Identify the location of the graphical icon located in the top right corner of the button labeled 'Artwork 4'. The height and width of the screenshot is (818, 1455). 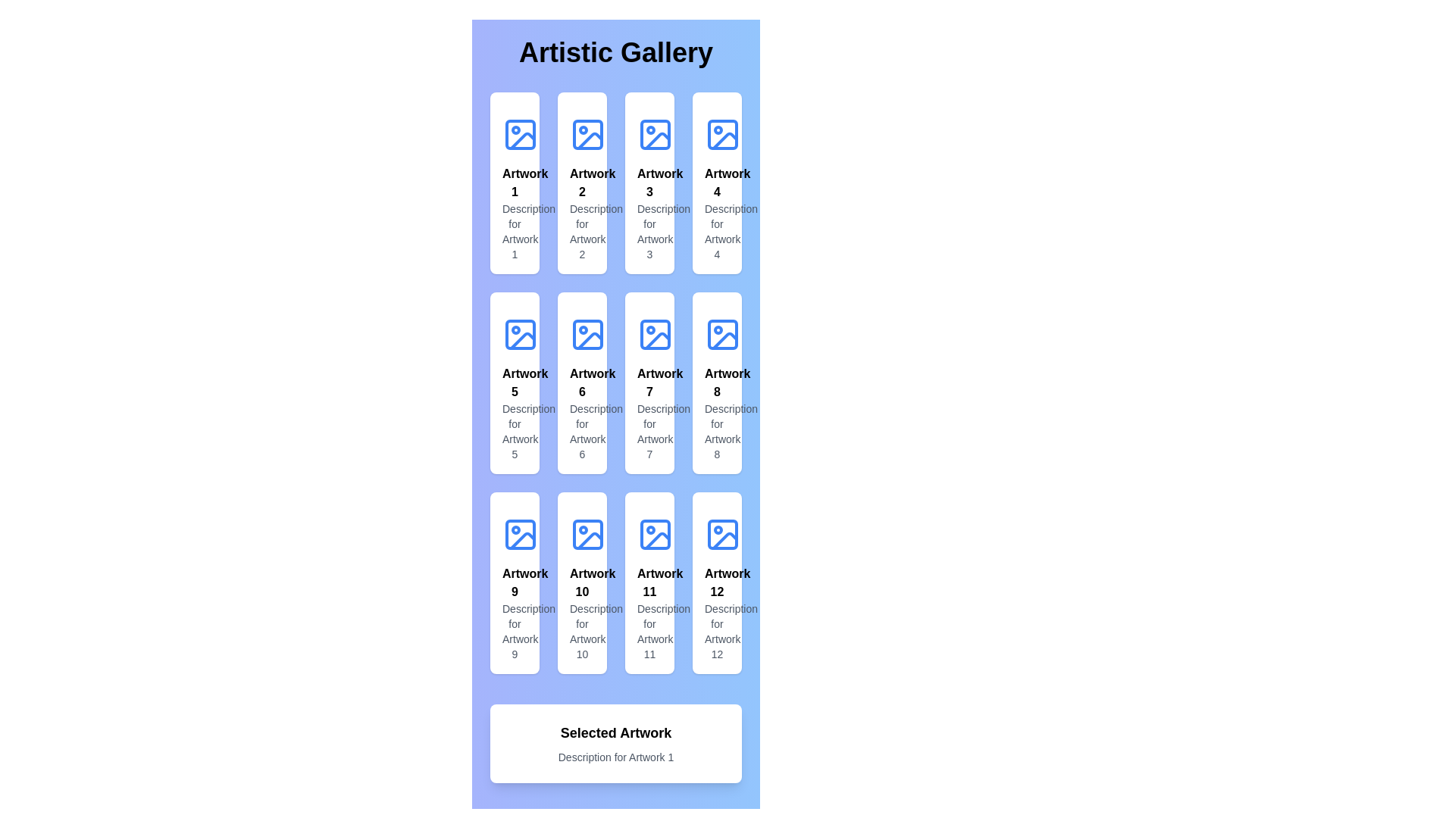
(722, 133).